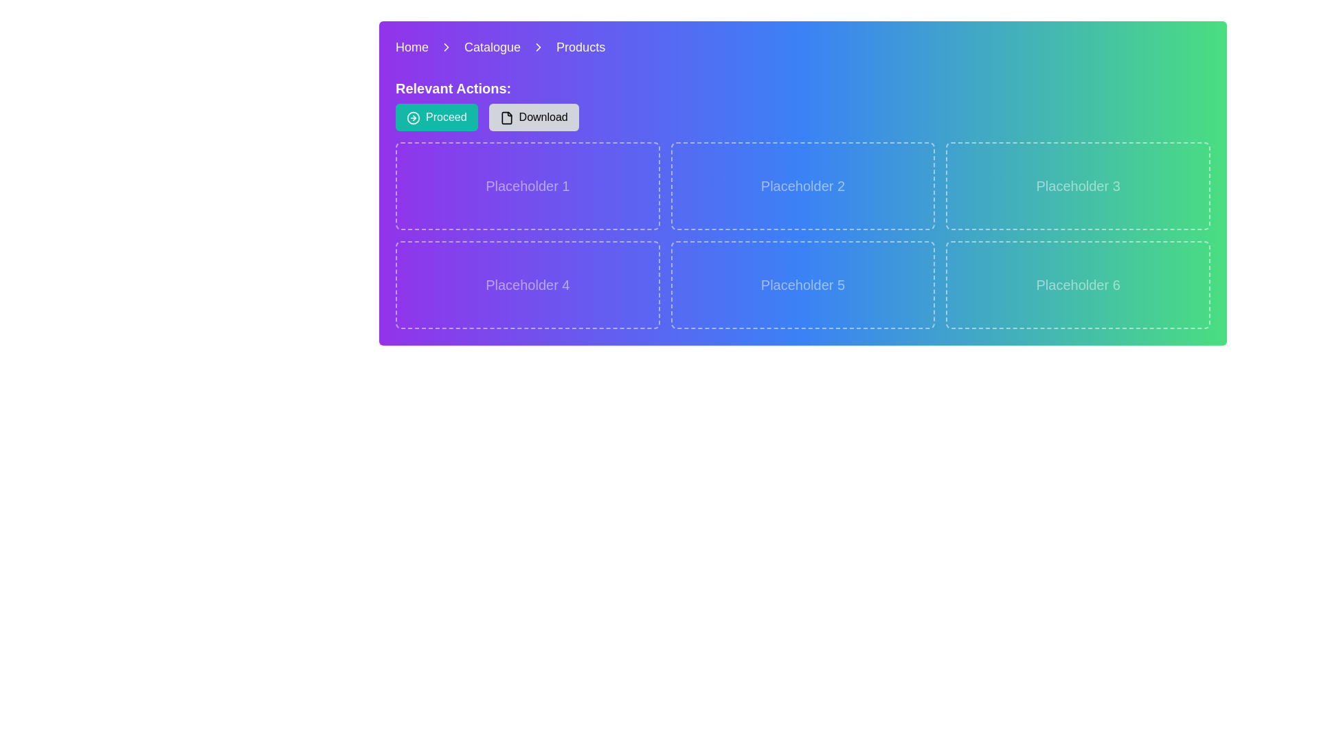 The width and height of the screenshot is (1319, 742). I want to click on the rectangular region with a dashed border displaying 'Placeholder 3' in the center, located in the first row and third column of the grid layout, so click(1077, 185).